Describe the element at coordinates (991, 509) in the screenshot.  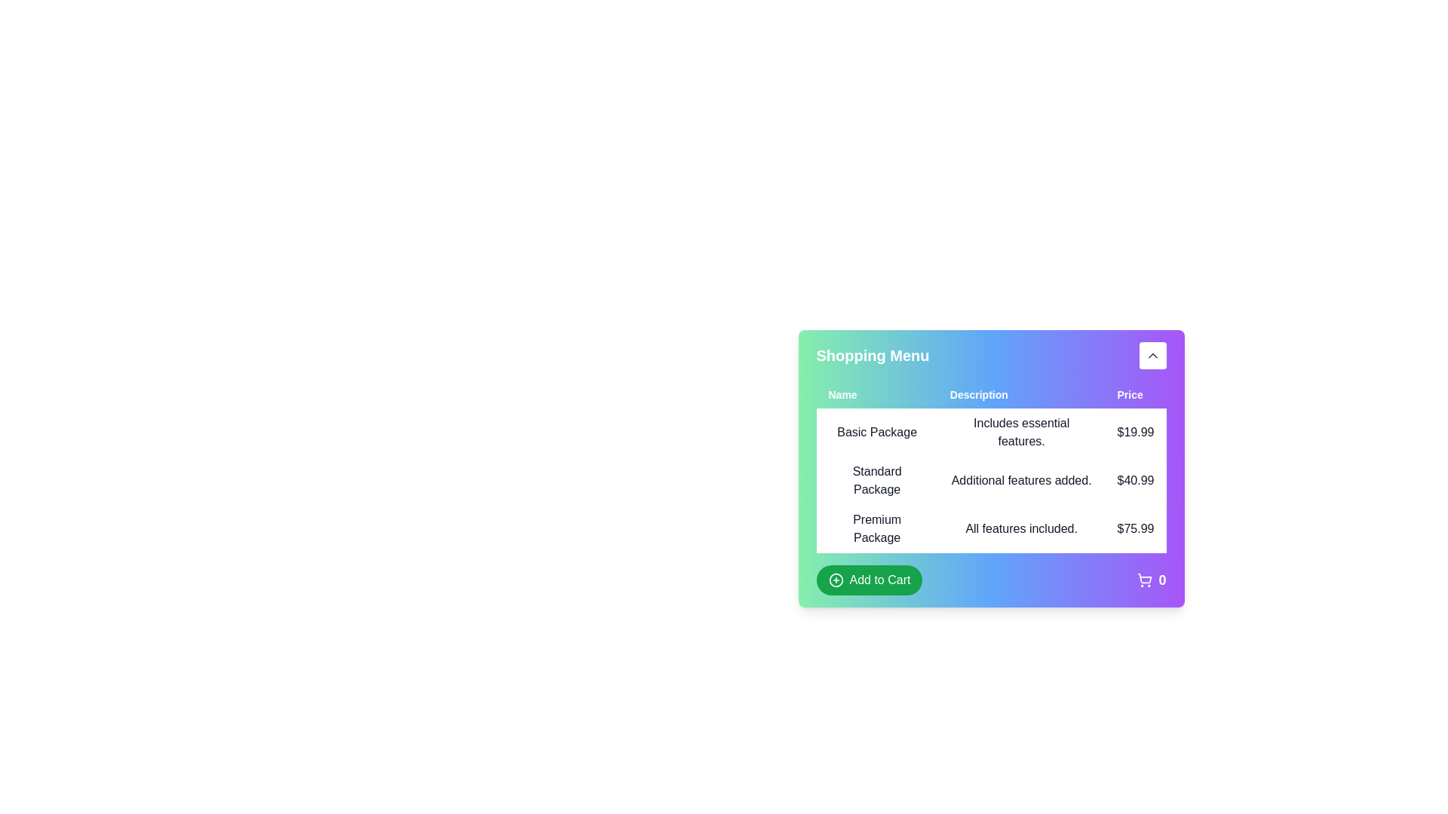
I see `the central modal element displaying shopping-related information, allowing users` at that location.